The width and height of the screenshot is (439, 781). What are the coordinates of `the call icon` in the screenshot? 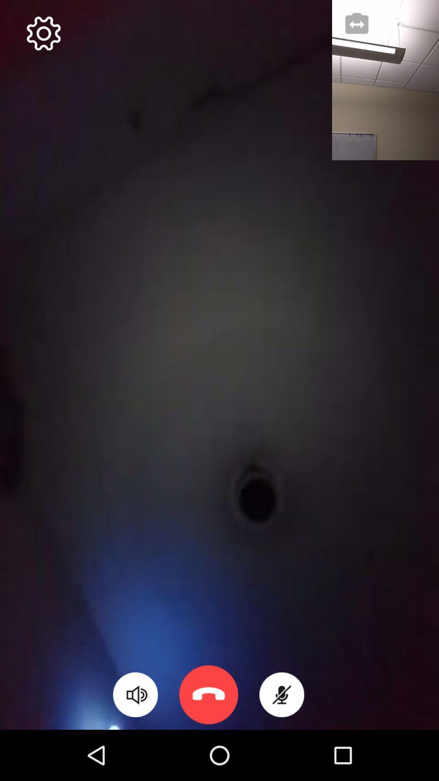 It's located at (208, 694).